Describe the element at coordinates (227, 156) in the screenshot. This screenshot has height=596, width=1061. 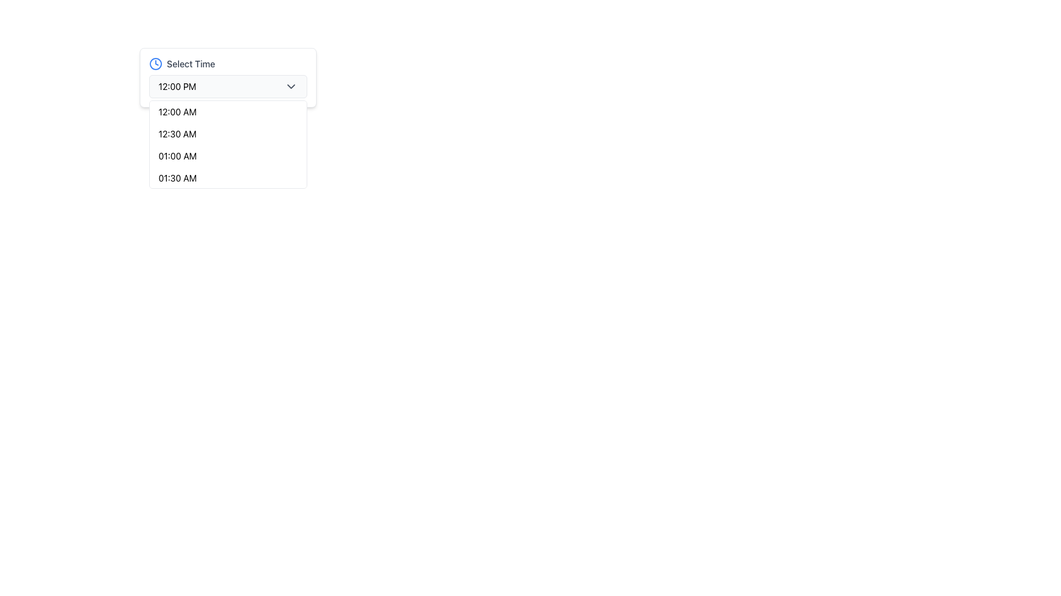
I see `the third time entry in the dropdown menu` at that location.